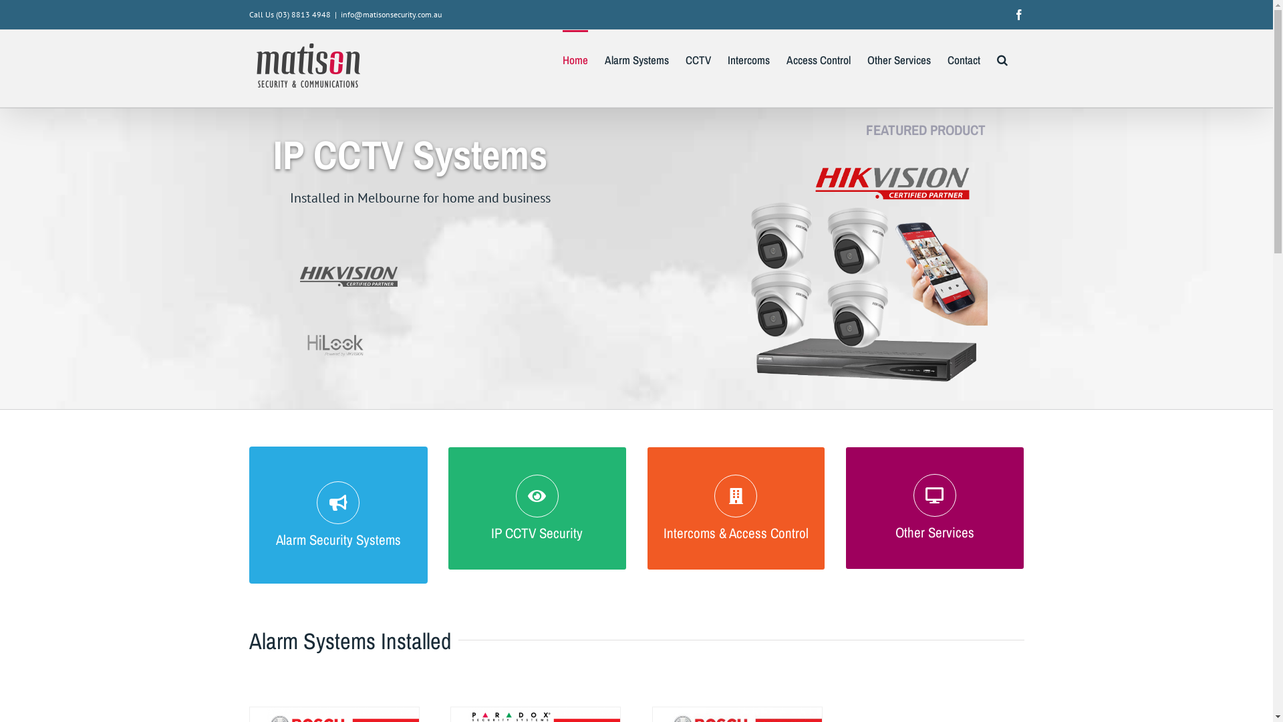 This screenshot has height=722, width=1283. Describe the element at coordinates (1017, 15) in the screenshot. I see `'Facebook'` at that location.